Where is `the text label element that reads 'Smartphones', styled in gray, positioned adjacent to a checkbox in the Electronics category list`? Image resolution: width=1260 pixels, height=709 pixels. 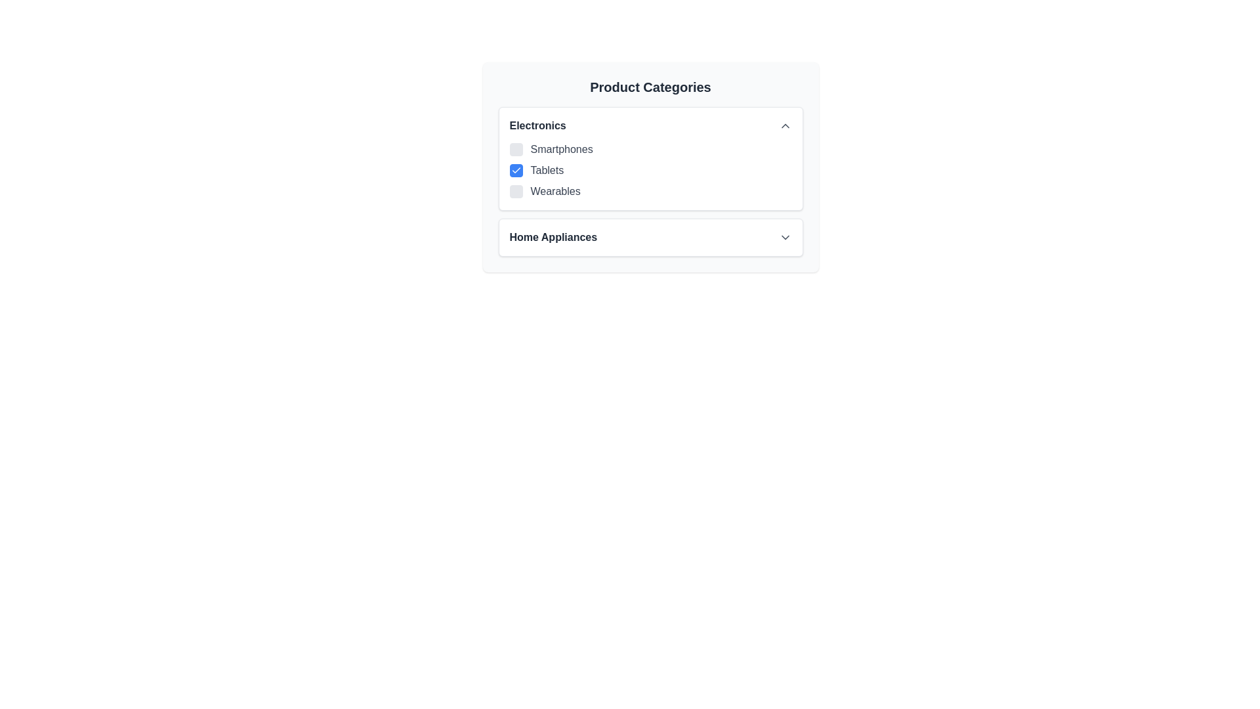
the text label element that reads 'Smartphones', styled in gray, positioned adjacent to a checkbox in the Electronics category list is located at coordinates (562, 148).